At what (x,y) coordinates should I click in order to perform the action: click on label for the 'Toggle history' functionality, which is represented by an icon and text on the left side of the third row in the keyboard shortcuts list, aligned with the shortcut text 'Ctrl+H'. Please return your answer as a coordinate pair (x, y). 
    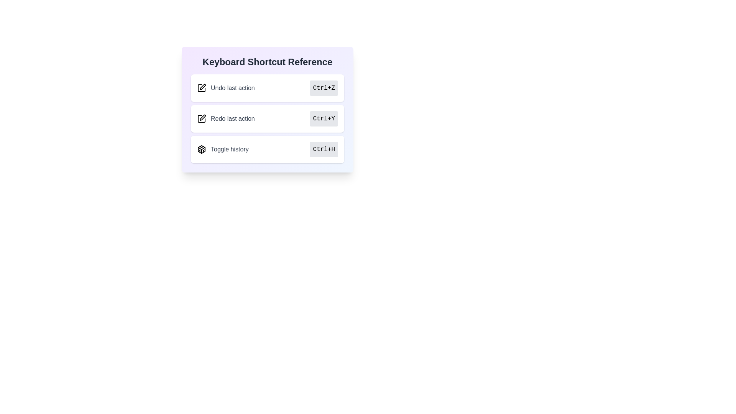
    Looking at the image, I should click on (222, 149).